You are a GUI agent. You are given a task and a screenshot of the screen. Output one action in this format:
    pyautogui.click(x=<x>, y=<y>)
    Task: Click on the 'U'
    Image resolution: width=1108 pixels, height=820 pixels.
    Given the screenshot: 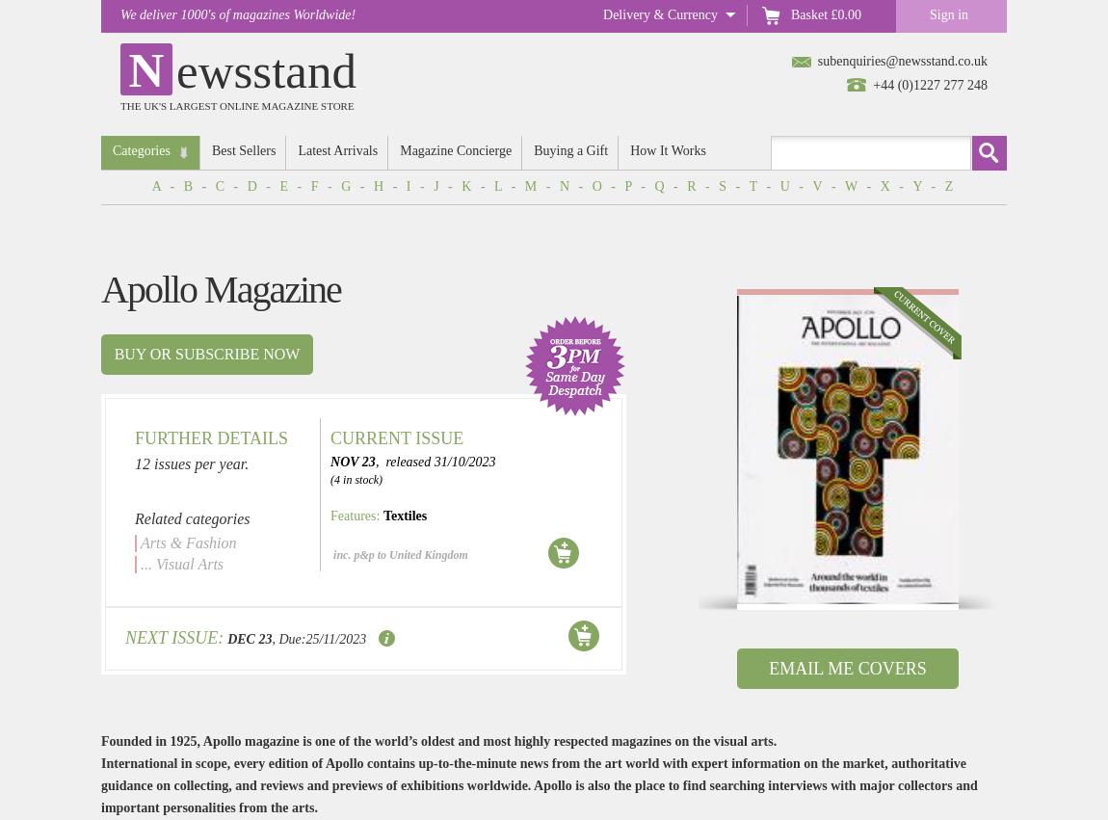 What is the action you would take?
    pyautogui.click(x=784, y=185)
    